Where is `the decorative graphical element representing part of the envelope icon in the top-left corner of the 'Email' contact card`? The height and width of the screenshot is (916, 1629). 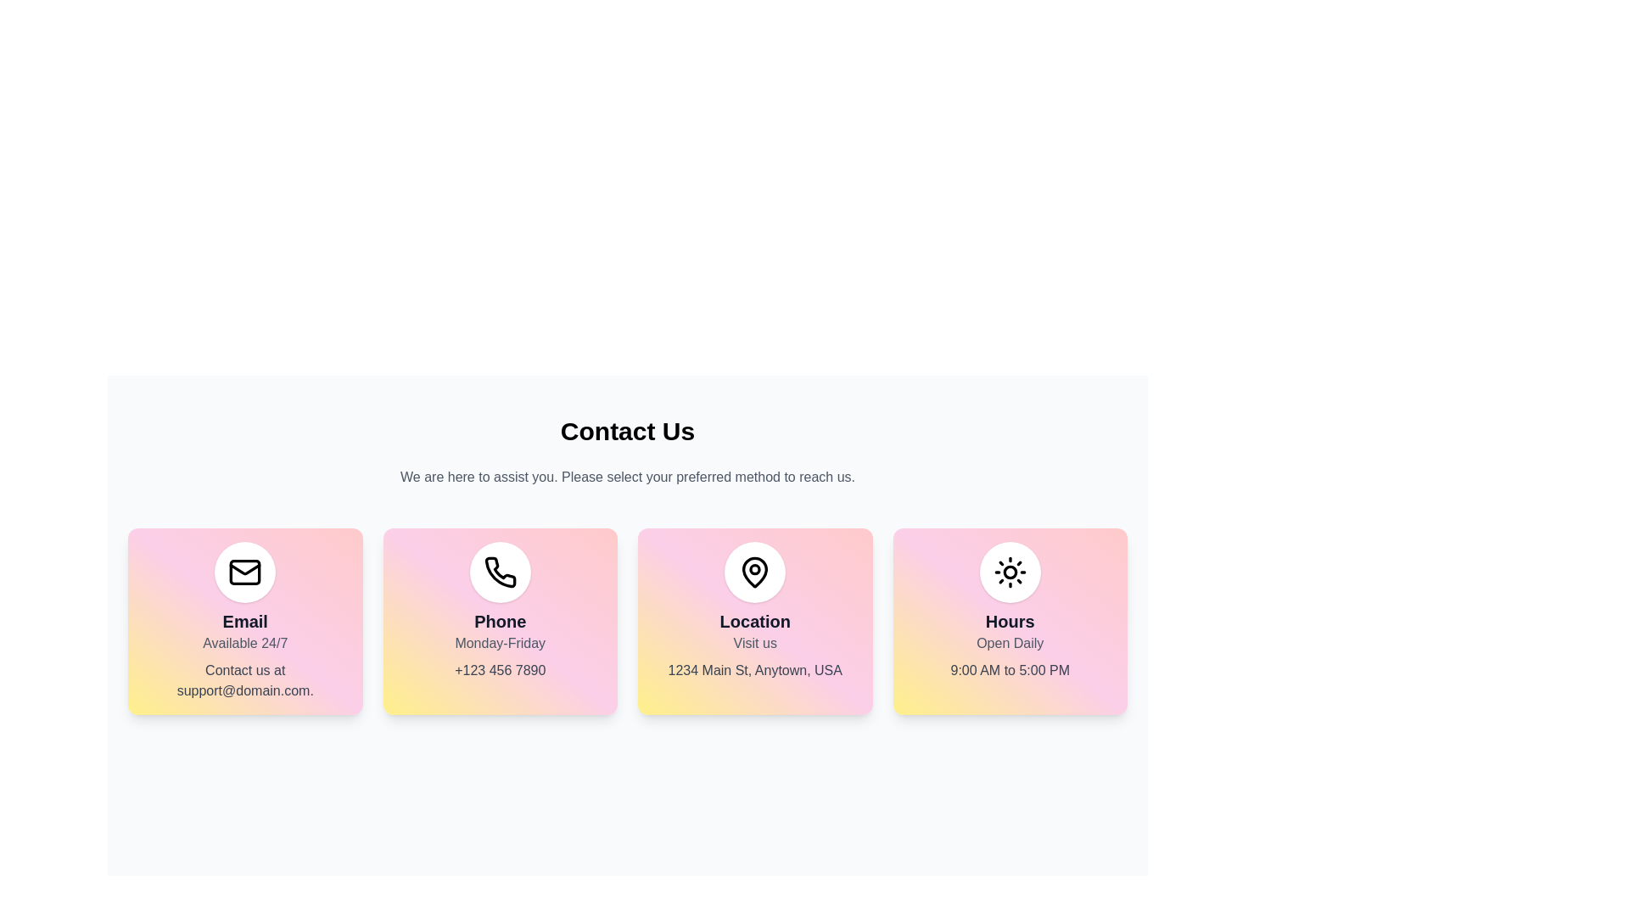
the decorative graphical element representing part of the envelope icon in the top-left corner of the 'Email' contact card is located at coordinates (244, 572).